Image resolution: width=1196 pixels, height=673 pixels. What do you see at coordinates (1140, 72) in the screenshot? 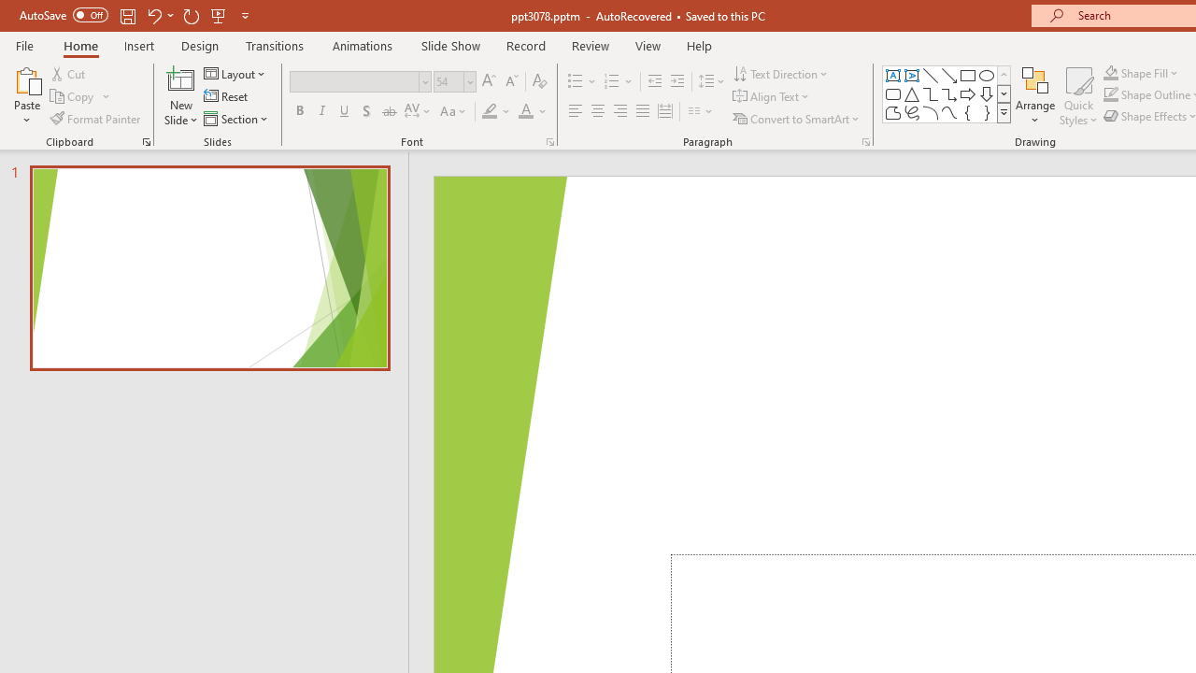
I see `'Shape Fill'` at bounding box center [1140, 72].